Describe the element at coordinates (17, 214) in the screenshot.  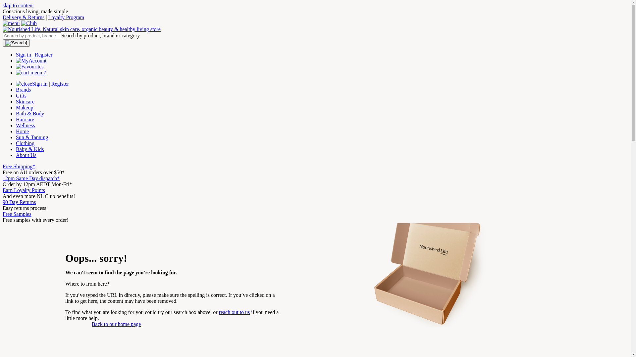
I see `'Free Samples'` at that location.